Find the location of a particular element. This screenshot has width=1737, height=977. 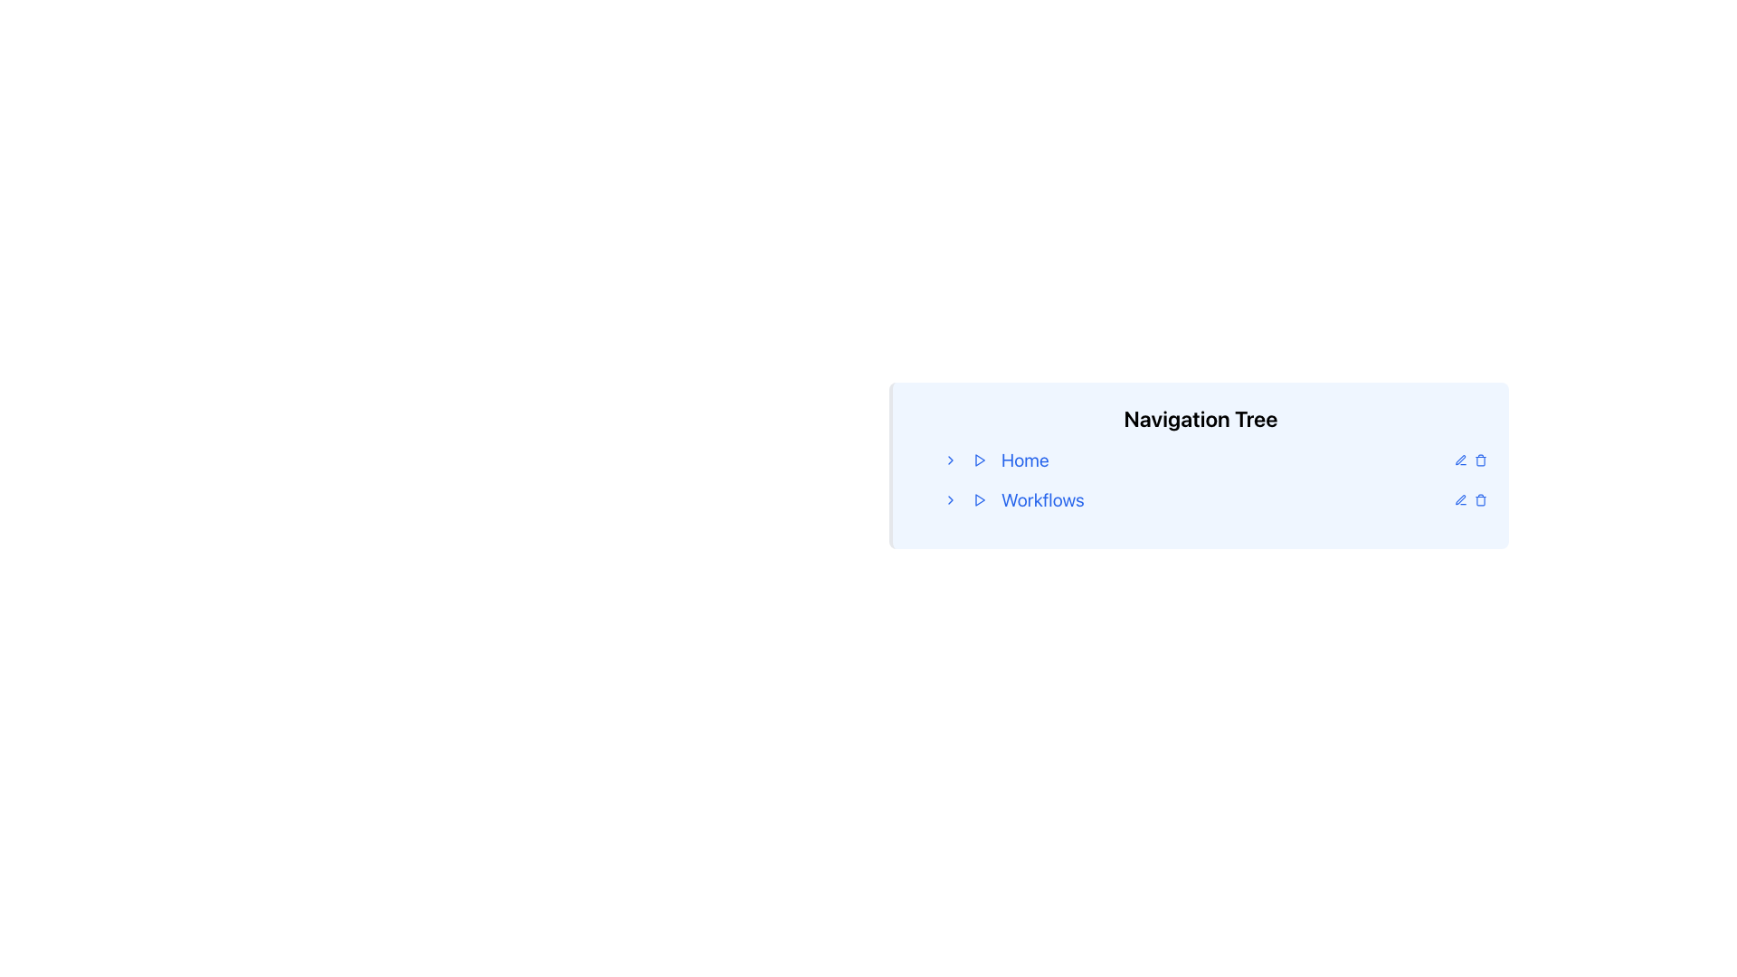

the small triangular play button icon with a bold blue outline located in the Navigation Tree section, positioned to the left of the 'Home' text is located at coordinates (979, 460).